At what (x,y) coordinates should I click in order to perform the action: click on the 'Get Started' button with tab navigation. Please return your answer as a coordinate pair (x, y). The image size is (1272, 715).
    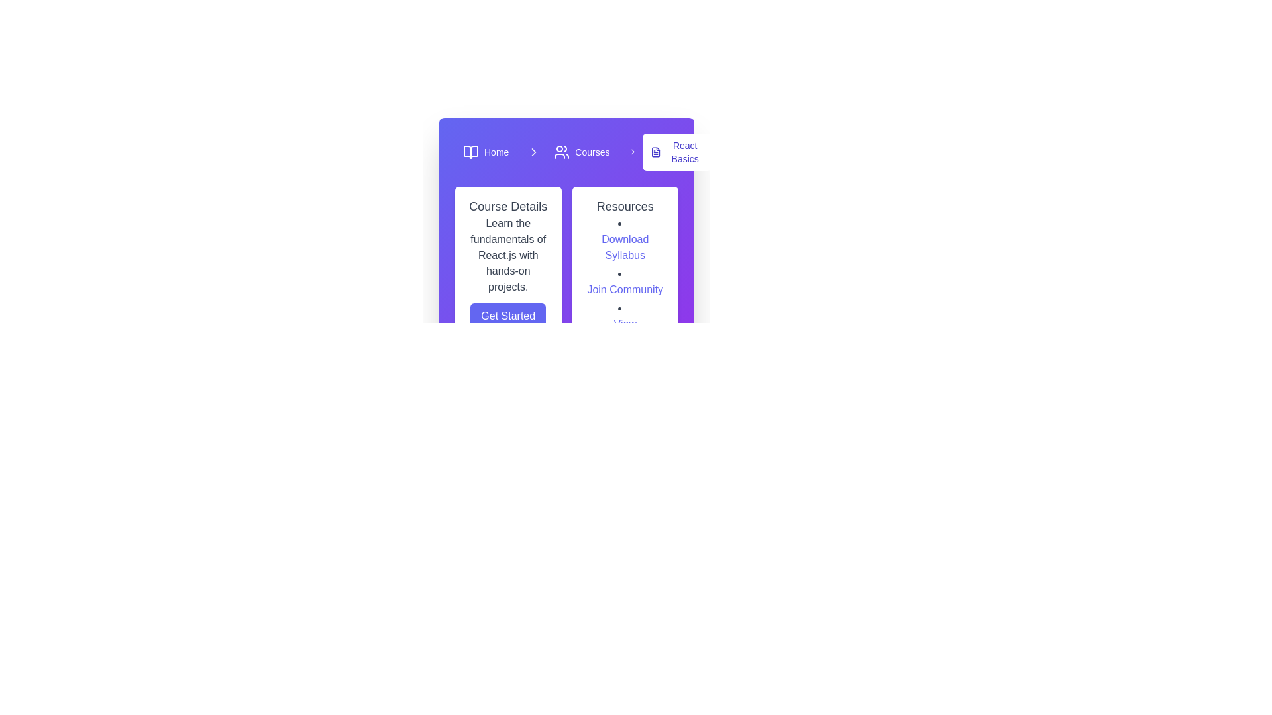
    Looking at the image, I should click on (507, 316).